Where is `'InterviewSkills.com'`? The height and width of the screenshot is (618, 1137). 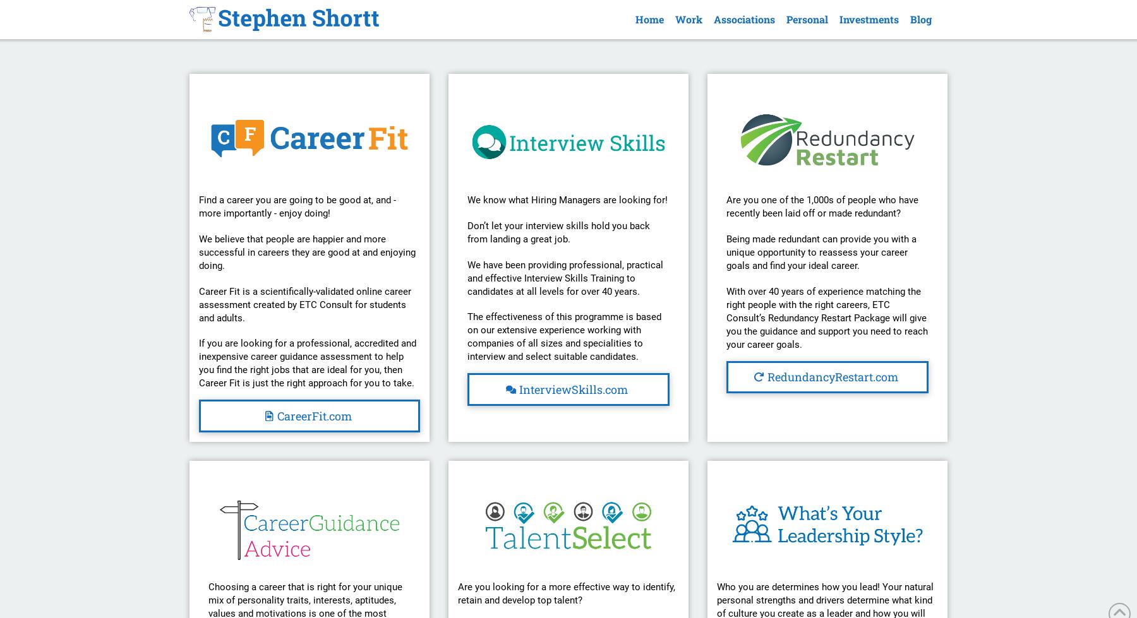
'InterviewSkills.com' is located at coordinates (572, 388).